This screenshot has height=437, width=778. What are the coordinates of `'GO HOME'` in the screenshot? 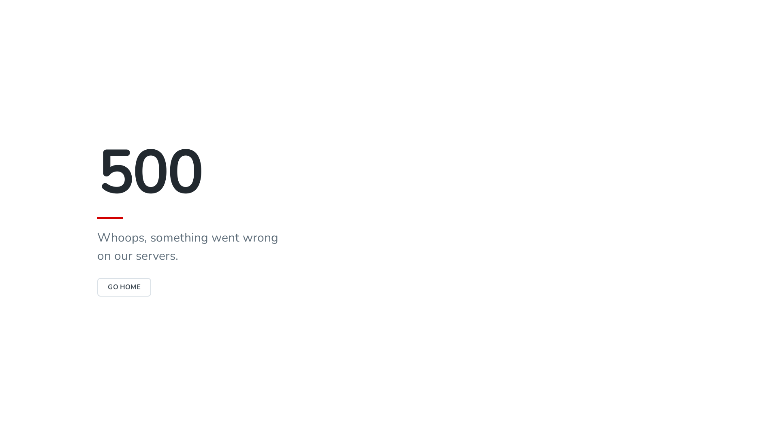 It's located at (124, 286).